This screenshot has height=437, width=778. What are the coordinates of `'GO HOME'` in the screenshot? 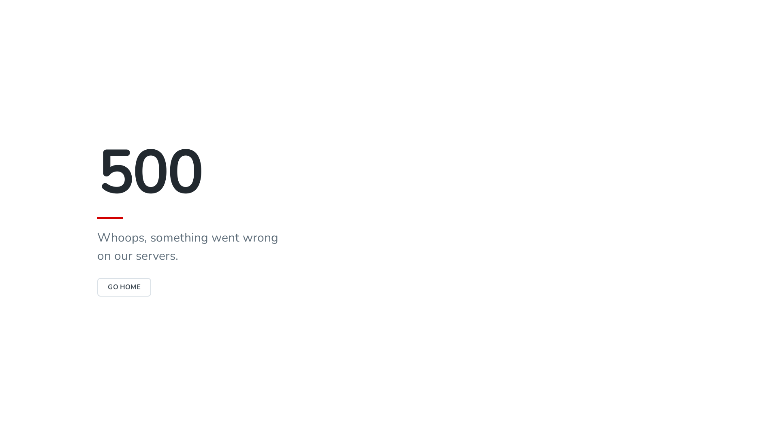 It's located at (124, 286).